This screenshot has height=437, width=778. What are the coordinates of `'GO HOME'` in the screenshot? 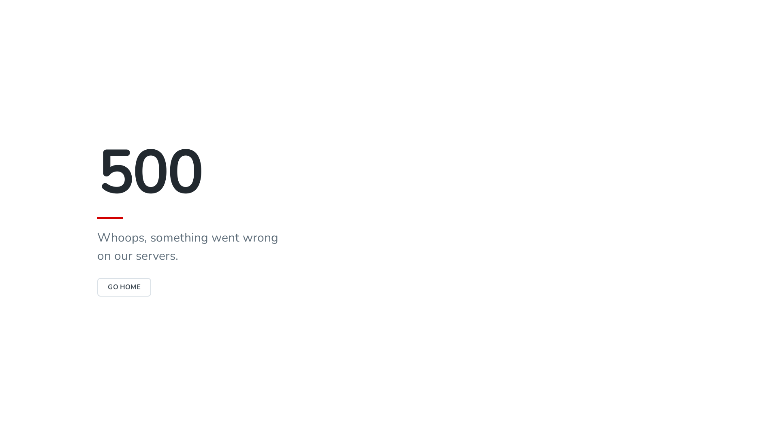 It's located at (124, 286).